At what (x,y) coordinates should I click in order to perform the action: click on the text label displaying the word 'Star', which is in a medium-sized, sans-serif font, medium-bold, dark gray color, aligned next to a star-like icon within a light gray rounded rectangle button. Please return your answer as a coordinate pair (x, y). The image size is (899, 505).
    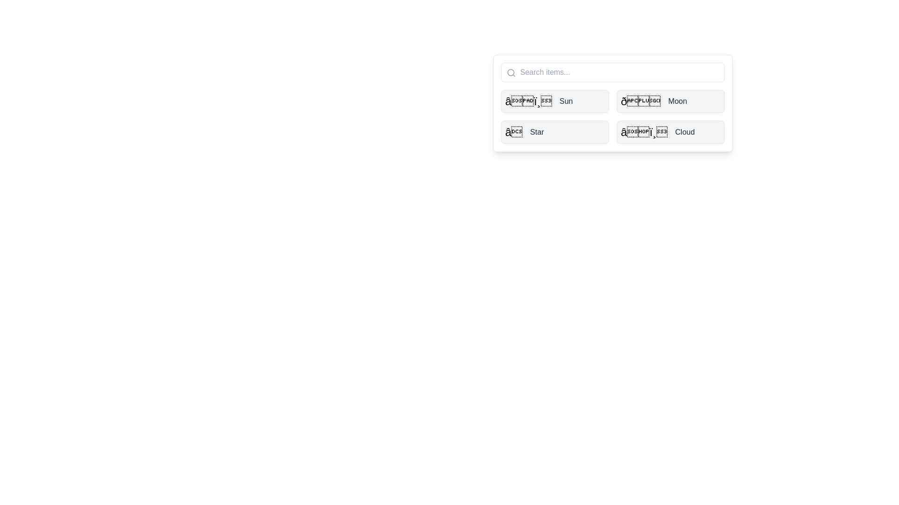
    Looking at the image, I should click on (537, 132).